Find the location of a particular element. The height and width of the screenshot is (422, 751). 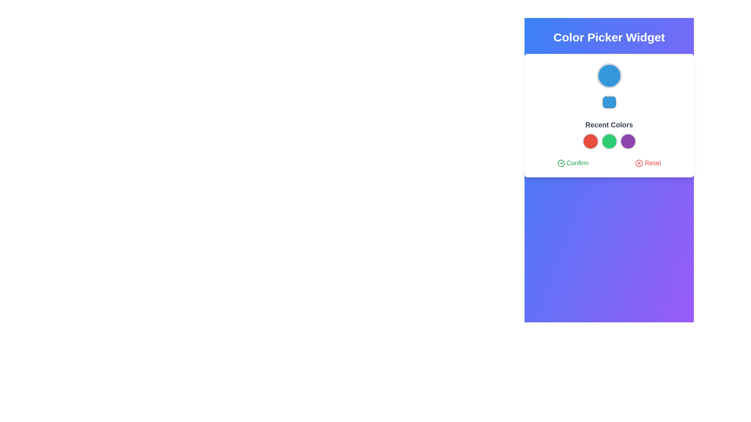

the interactive color swatch in the 'Recent Colors' section is located at coordinates (609, 134).